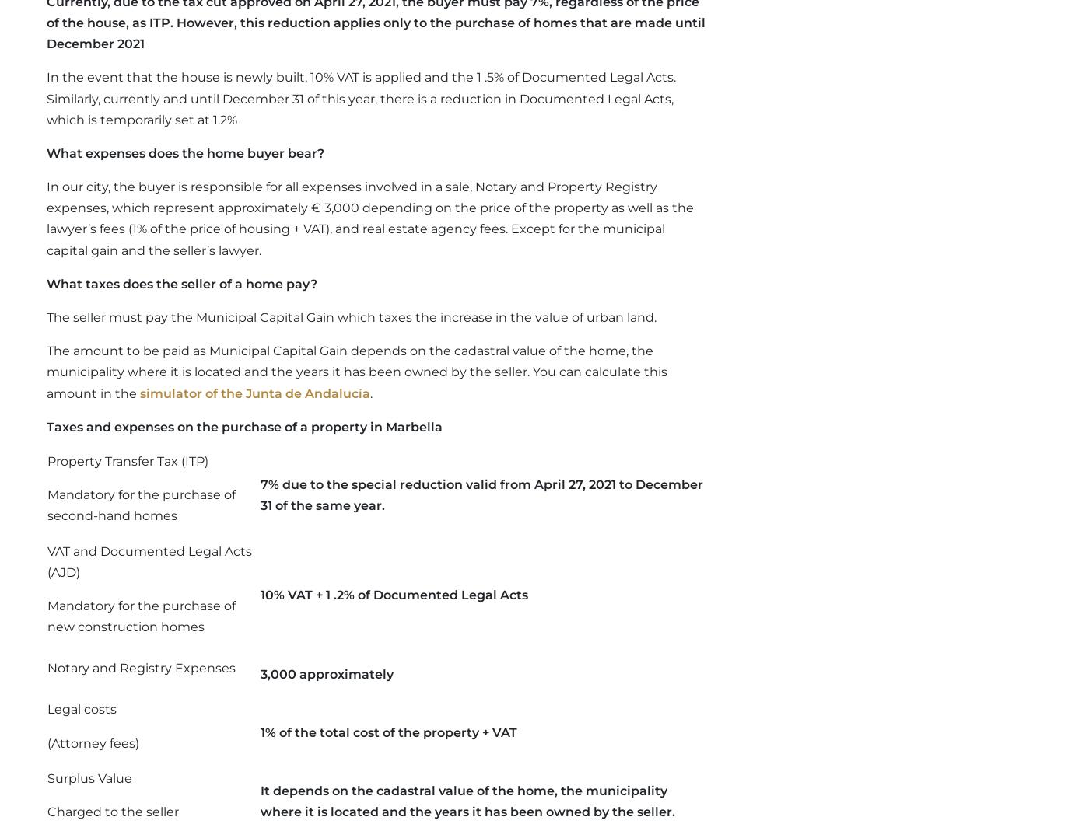 This screenshot has height=838, width=1089. What do you see at coordinates (387, 732) in the screenshot?
I see `'1% of the total cost of the property + VAT'` at bounding box center [387, 732].